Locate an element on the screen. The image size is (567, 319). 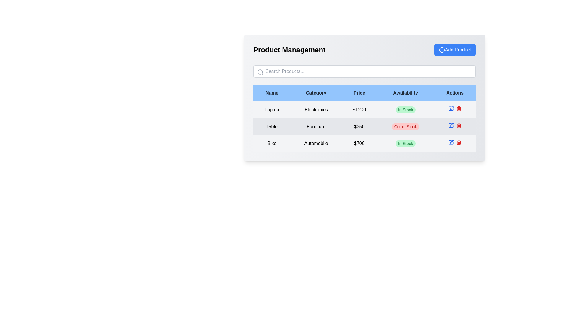
the Text badge indicating the availability status of the product 'Table' in the 'Availability' column of the table is located at coordinates (405, 126).